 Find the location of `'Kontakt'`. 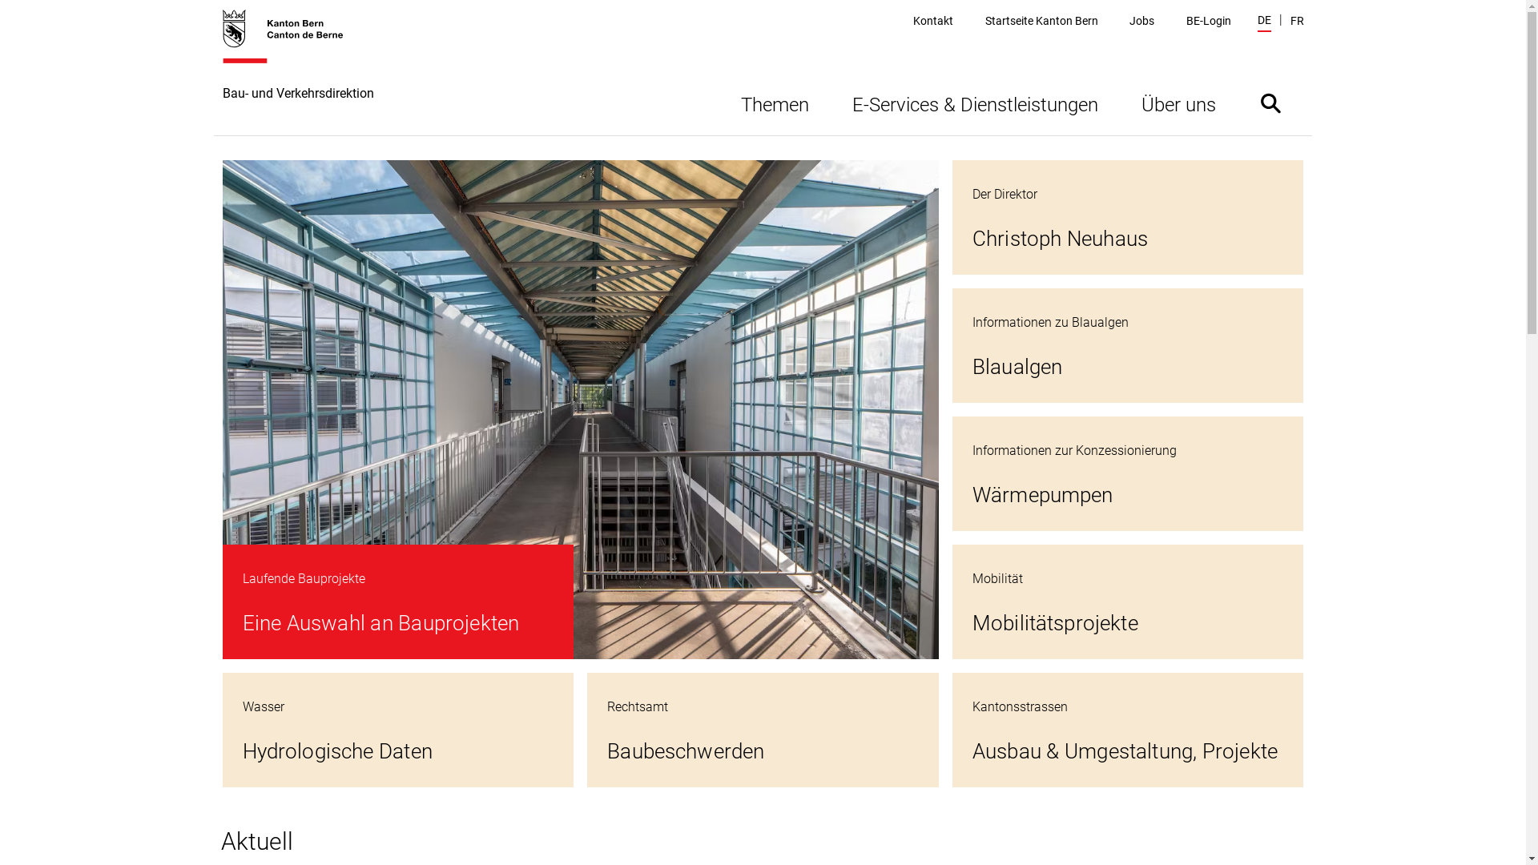

'Kontakt' is located at coordinates (933, 21).